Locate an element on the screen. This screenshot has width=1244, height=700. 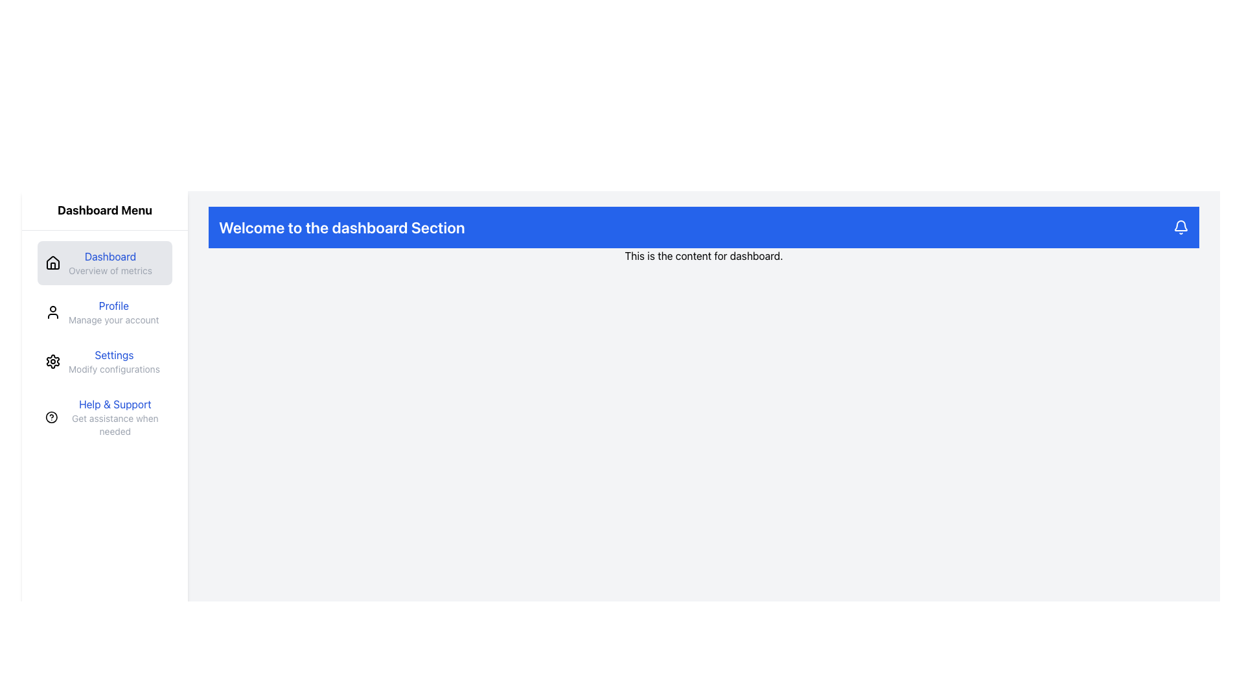
descriptive text label located below the 'Dashboard' menu item within the vertical navigation menu on the left side of the interface is located at coordinates (110, 270).